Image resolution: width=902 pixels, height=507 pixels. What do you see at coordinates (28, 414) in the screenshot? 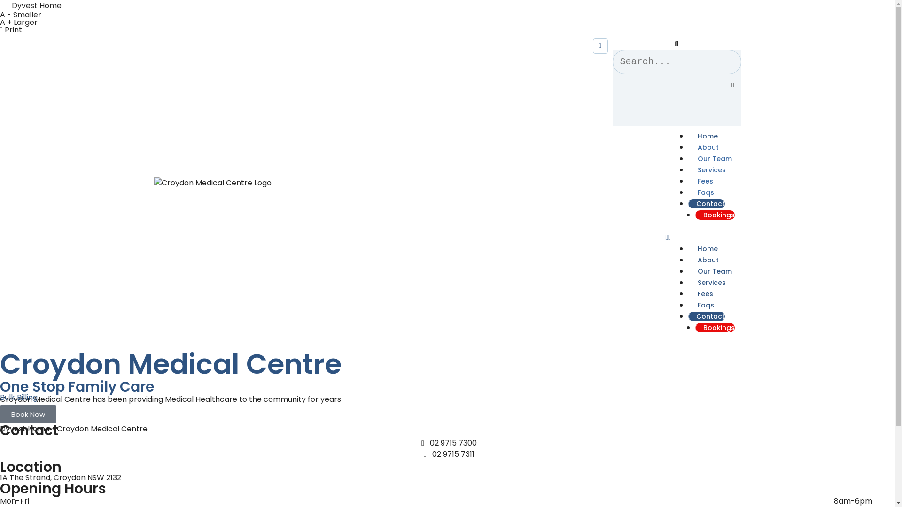
I see `'Book Now'` at bounding box center [28, 414].